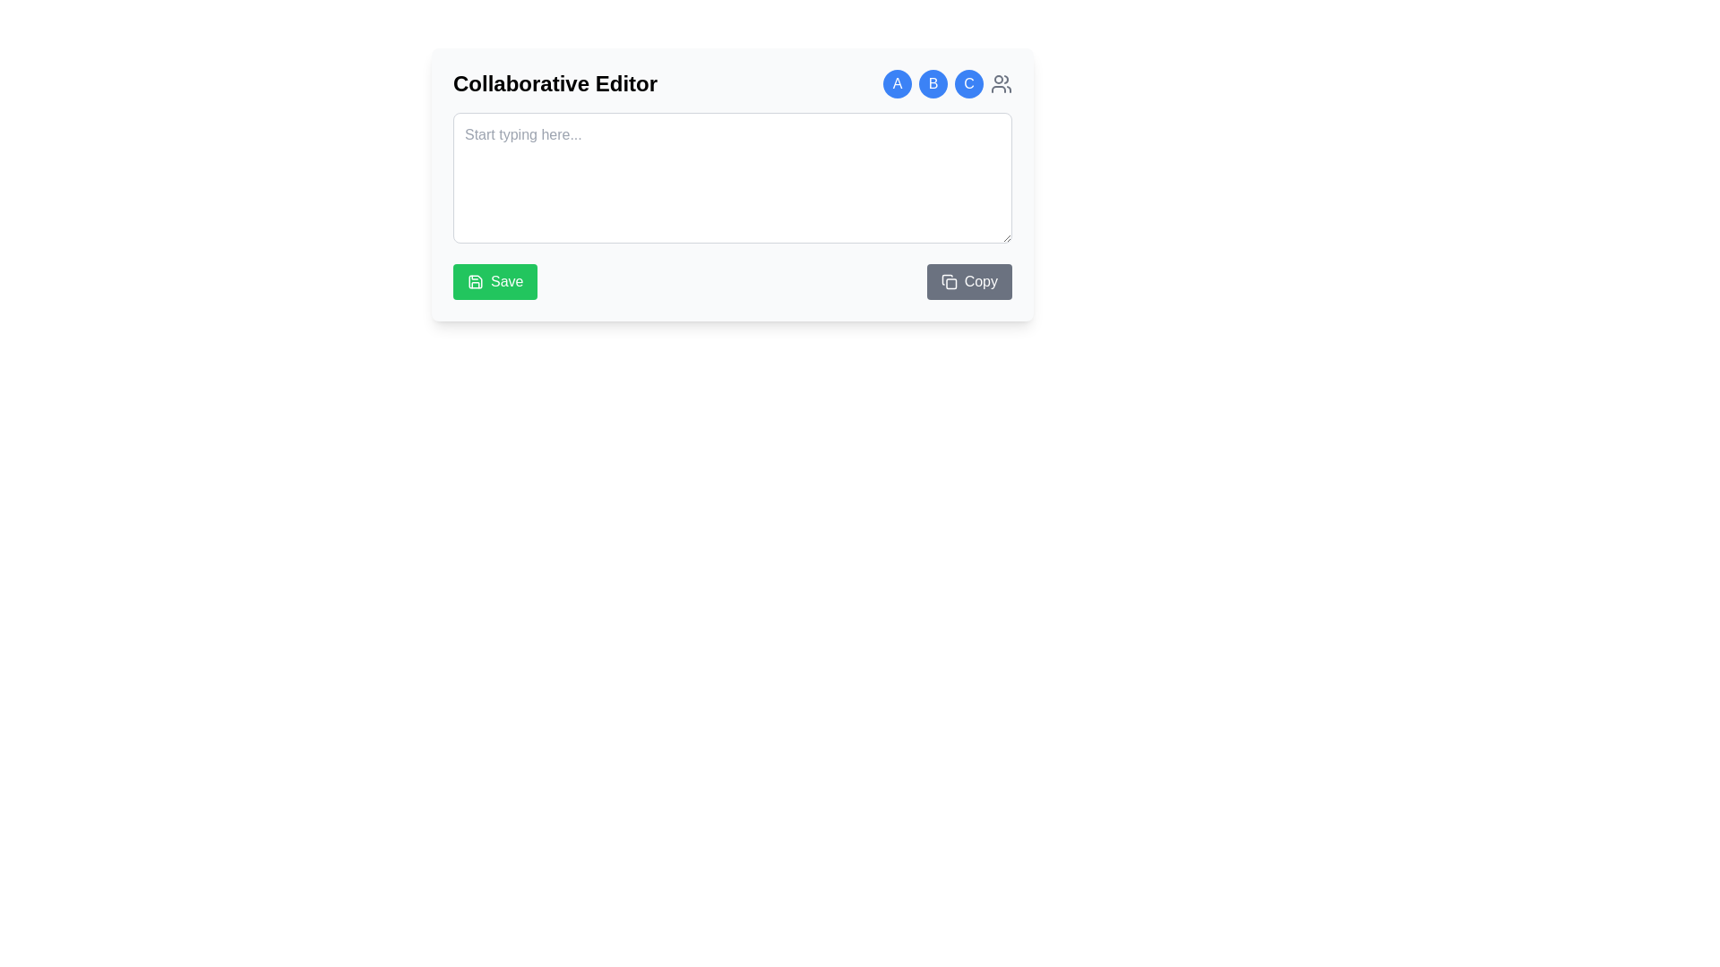 The width and height of the screenshot is (1720, 967). Describe the element at coordinates (967, 83) in the screenshot. I see `the circular static label with a blue background and a white letter 'C' centered within it, located next to the 'B' icon in the top-right corner of the editor section` at that location.